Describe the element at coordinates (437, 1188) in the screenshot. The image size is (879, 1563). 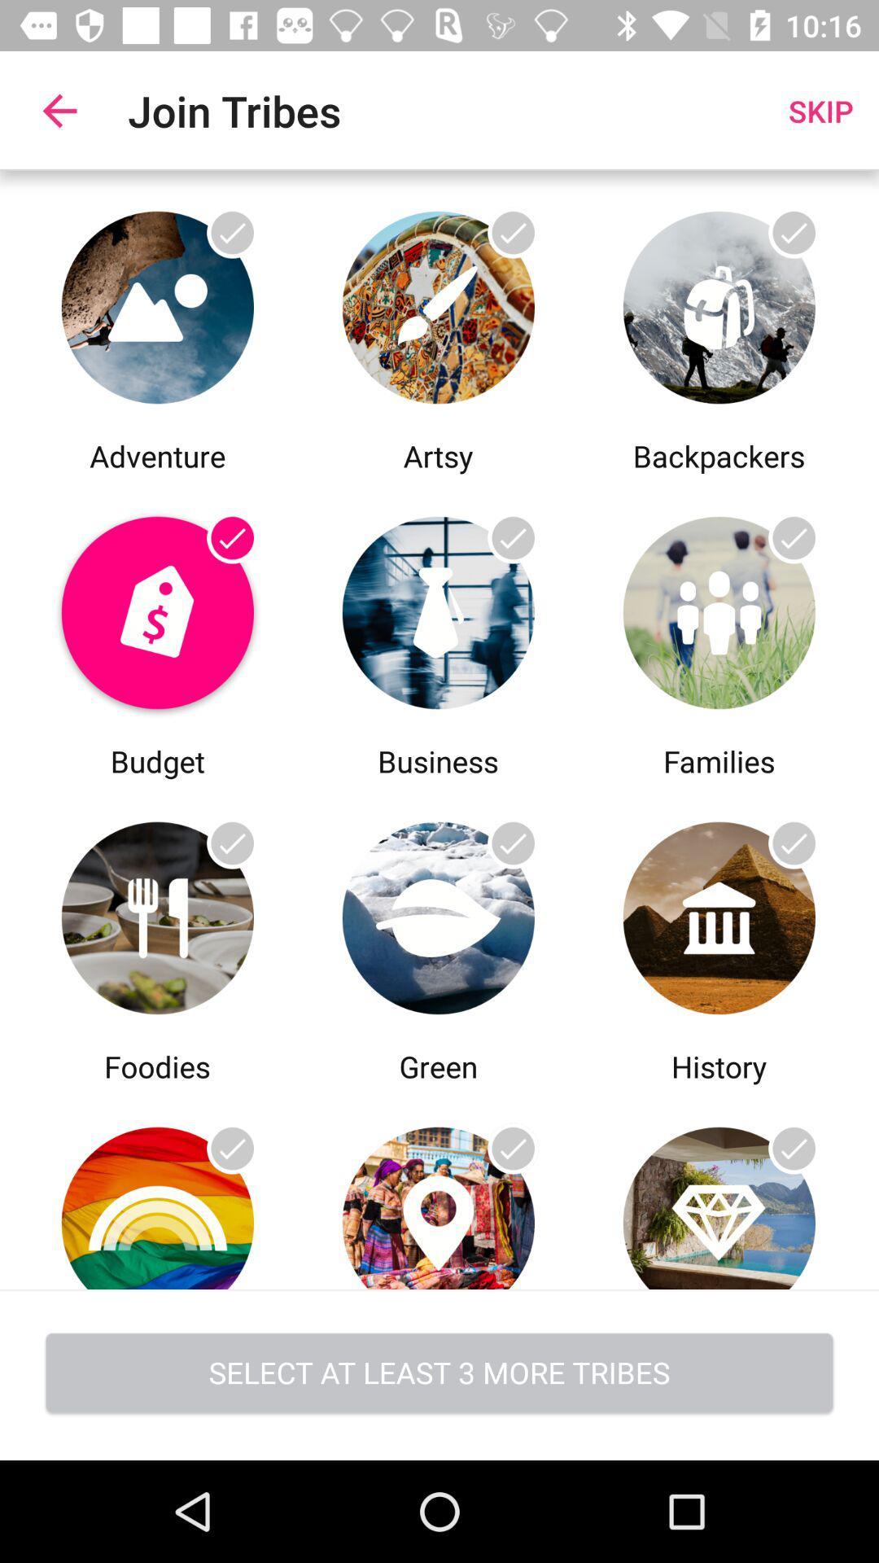
I see `this tribe` at that location.